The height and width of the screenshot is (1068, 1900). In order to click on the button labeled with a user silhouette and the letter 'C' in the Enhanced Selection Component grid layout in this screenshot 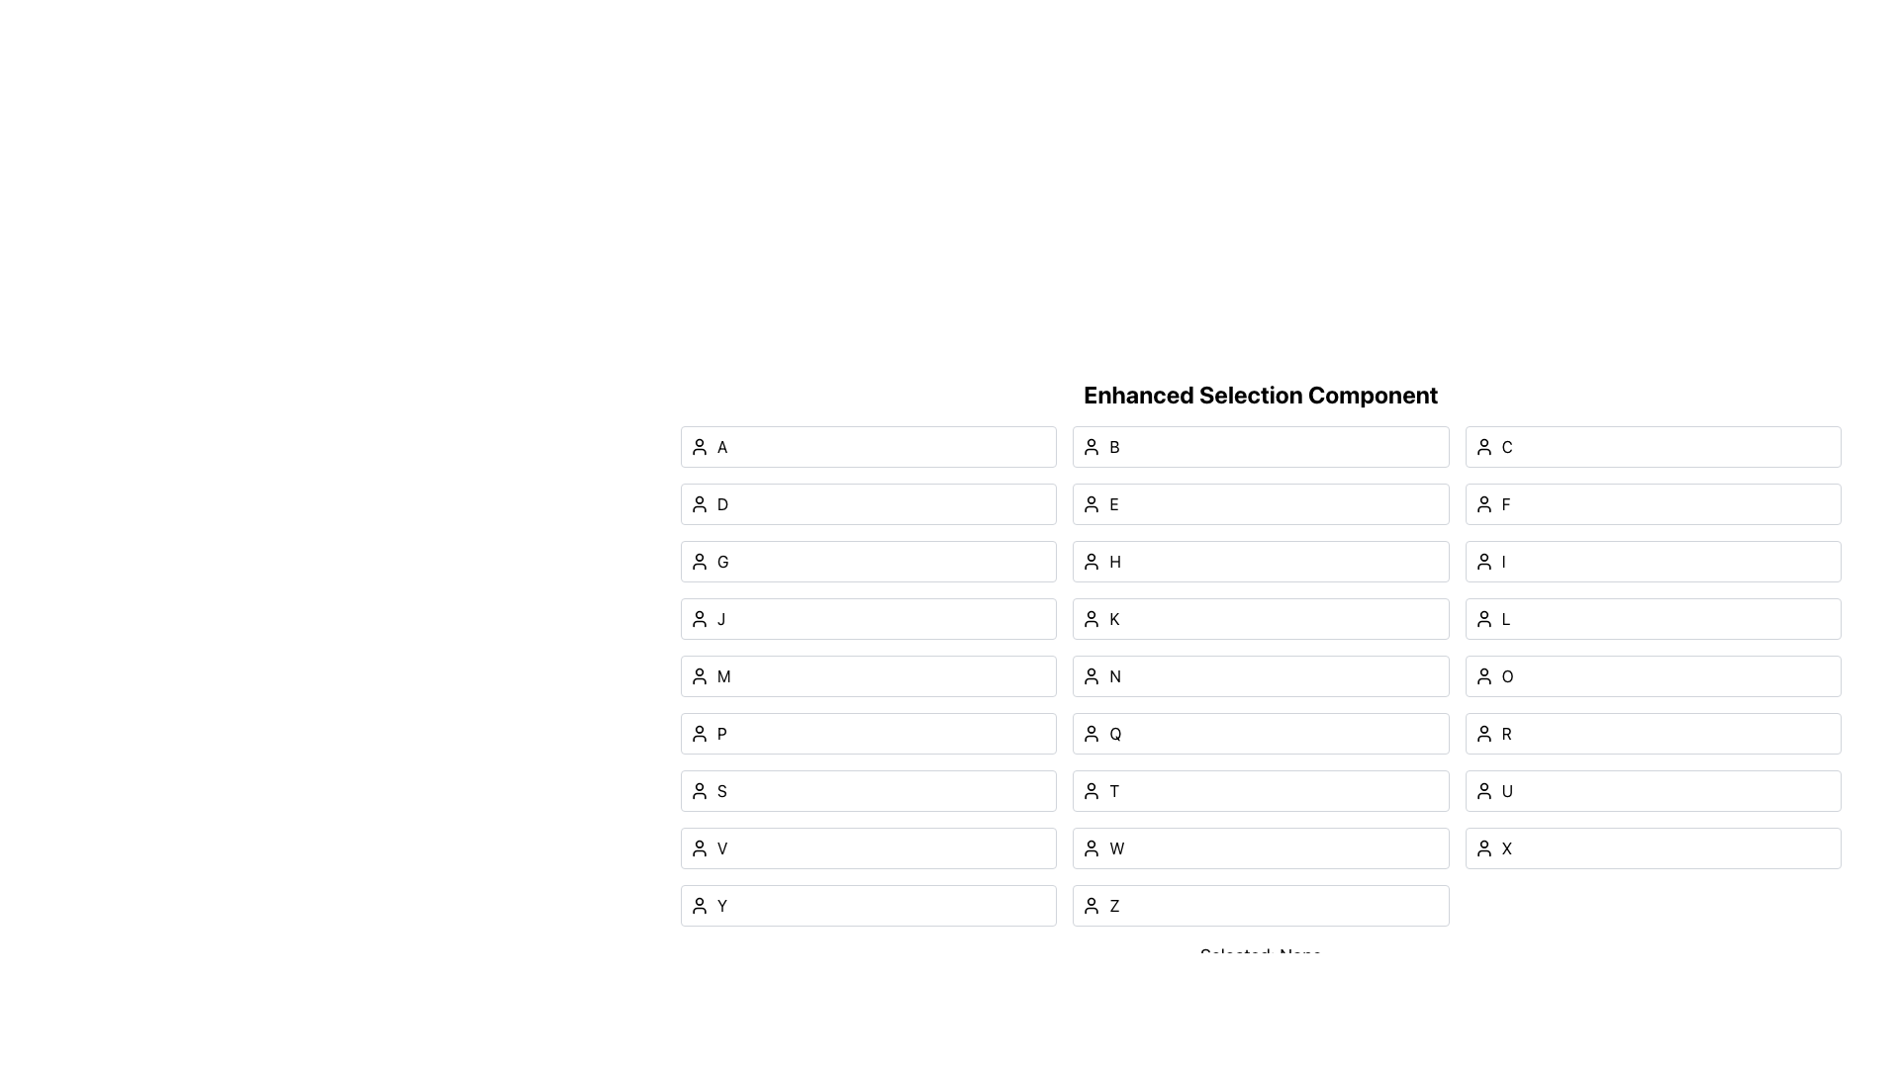, I will do `click(1653, 446)`.